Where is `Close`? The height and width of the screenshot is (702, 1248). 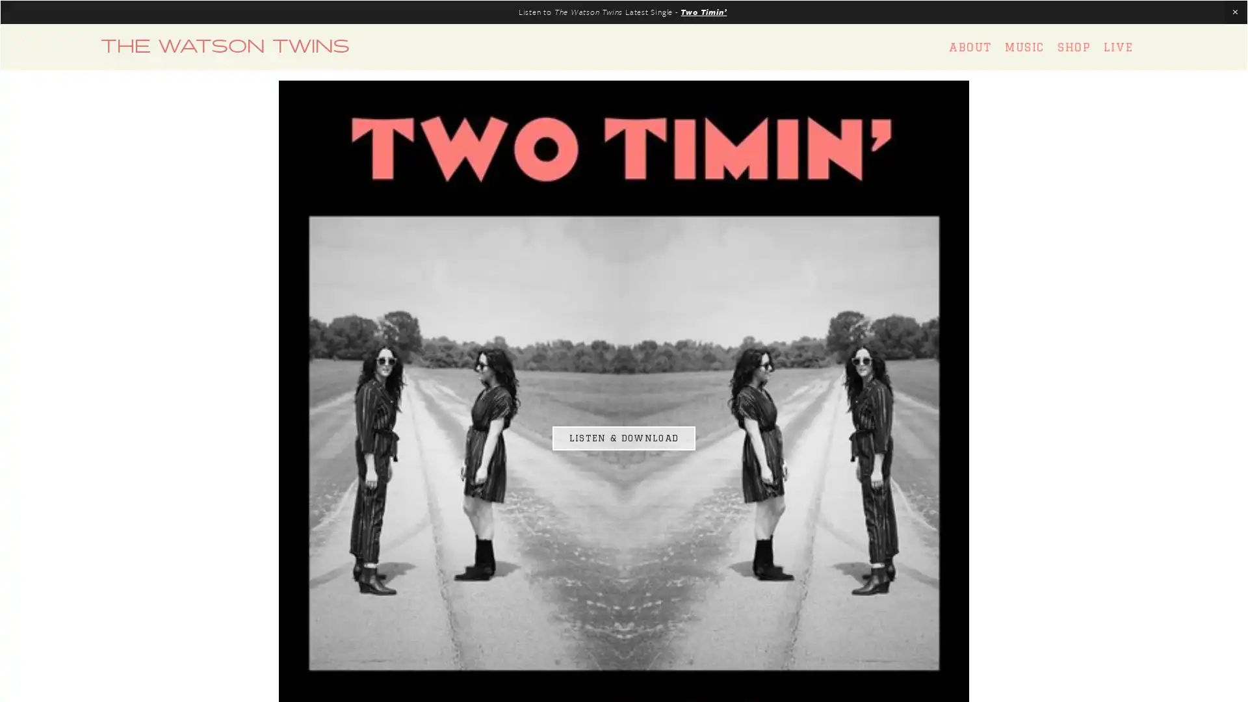
Close is located at coordinates (852, 185).